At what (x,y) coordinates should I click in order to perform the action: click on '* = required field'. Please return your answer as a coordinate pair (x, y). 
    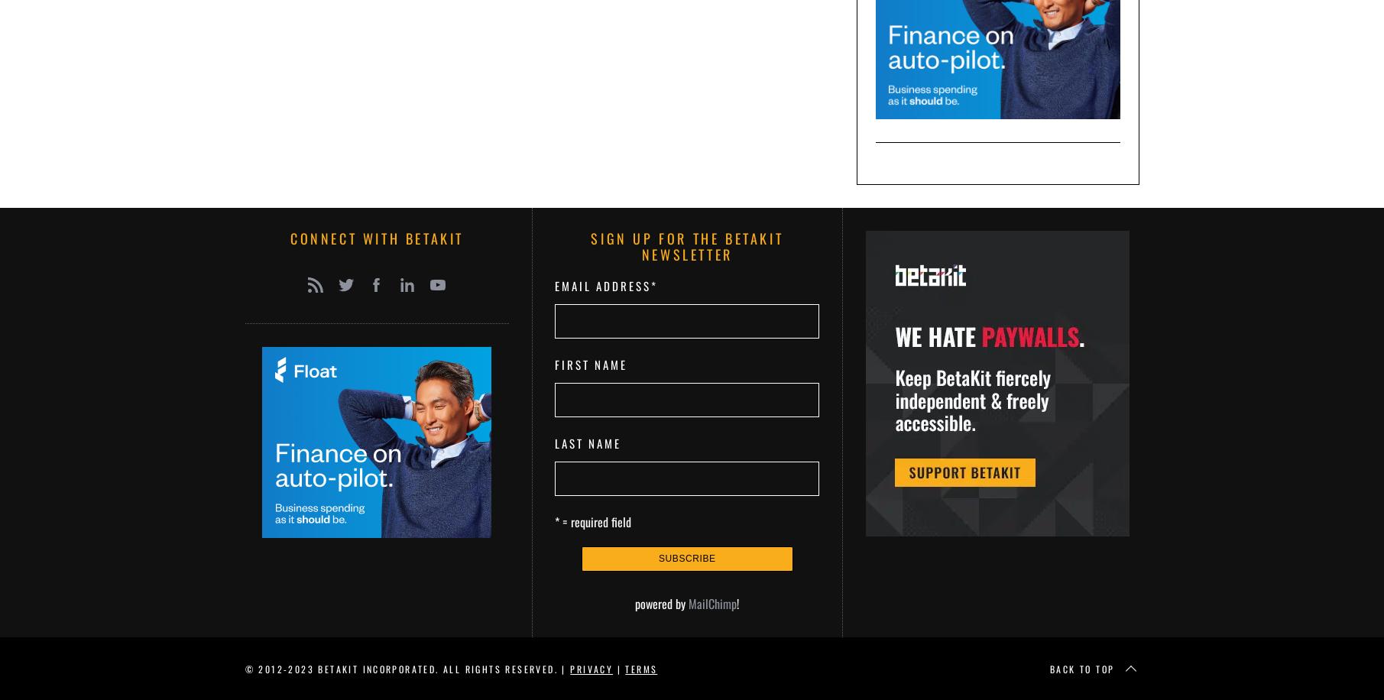
    Looking at the image, I should click on (592, 520).